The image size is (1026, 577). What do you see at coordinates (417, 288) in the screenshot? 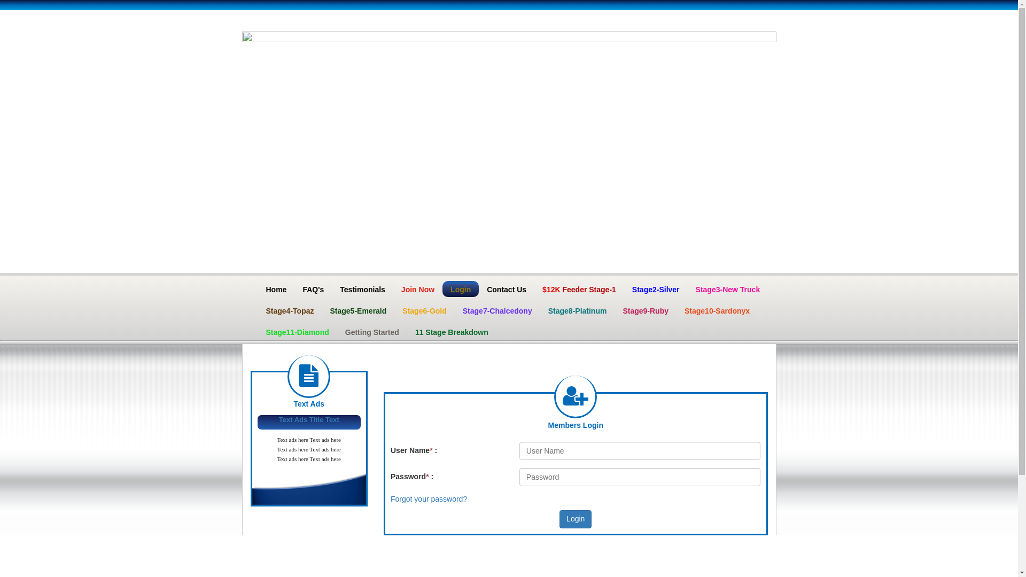
I see `'Join Now'` at bounding box center [417, 288].